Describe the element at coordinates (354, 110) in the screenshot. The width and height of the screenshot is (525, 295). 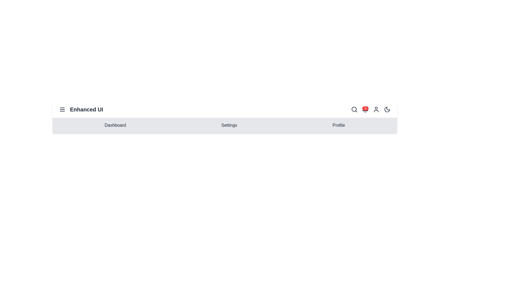
I see `the search icon to initiate a search` at that location.